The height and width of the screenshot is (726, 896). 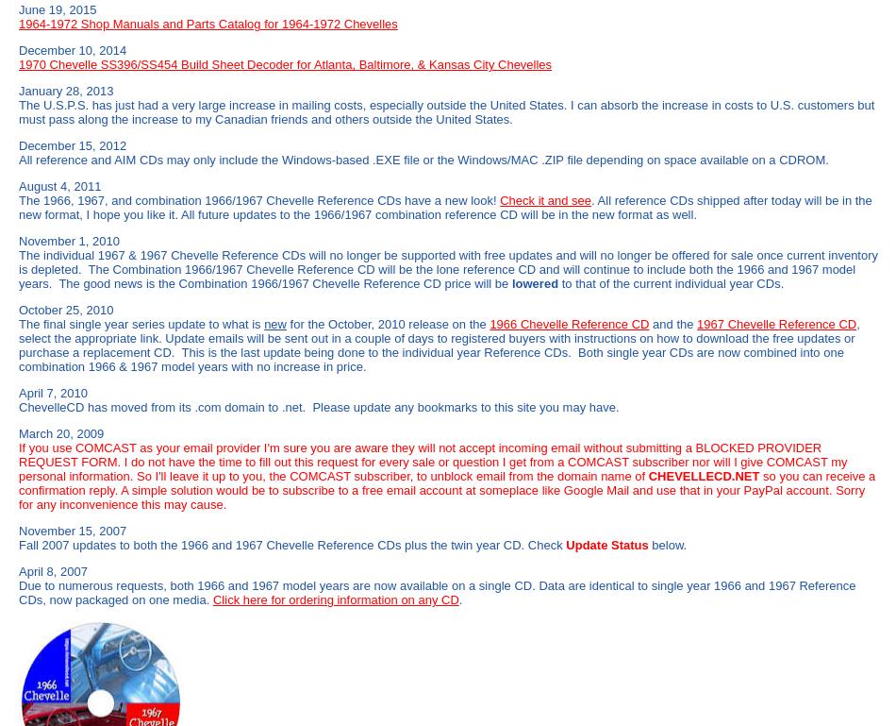 What do you see at coordinates (19, 570) in the screenshot?
I see `'April 8, 2007'` at bounding box center [19, 570].